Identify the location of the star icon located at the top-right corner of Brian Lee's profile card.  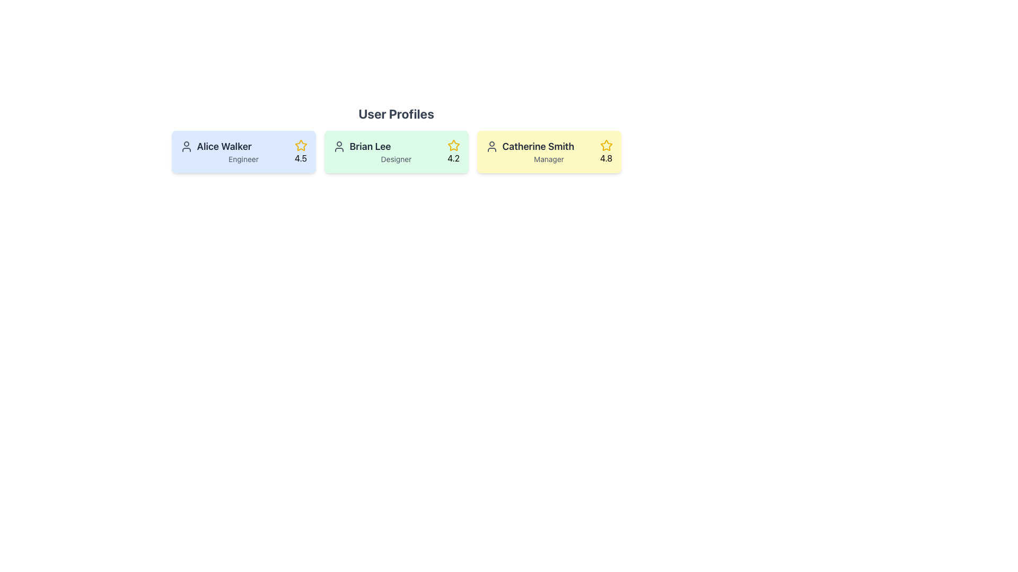
(453, 145).